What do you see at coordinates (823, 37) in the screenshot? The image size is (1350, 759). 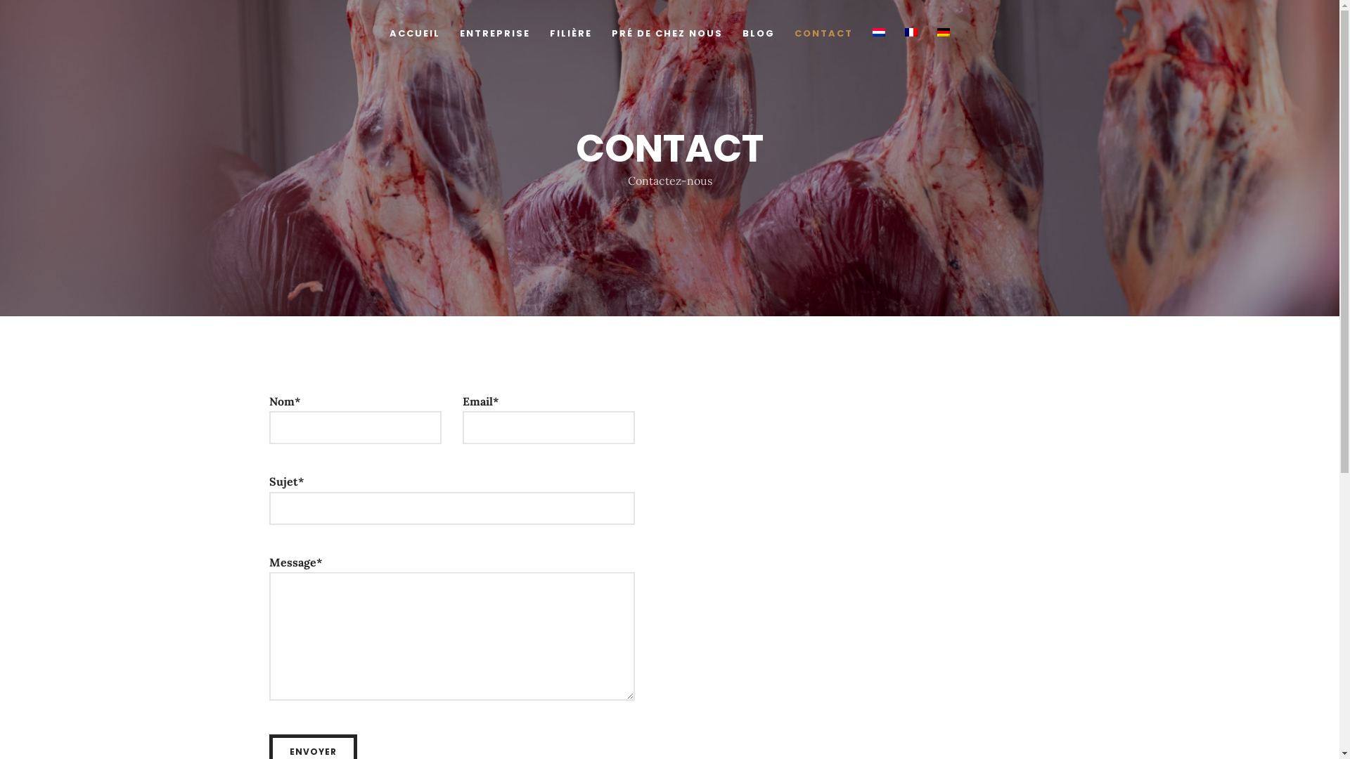 I see `'CONTACT'` at bounding box center [823, 37].